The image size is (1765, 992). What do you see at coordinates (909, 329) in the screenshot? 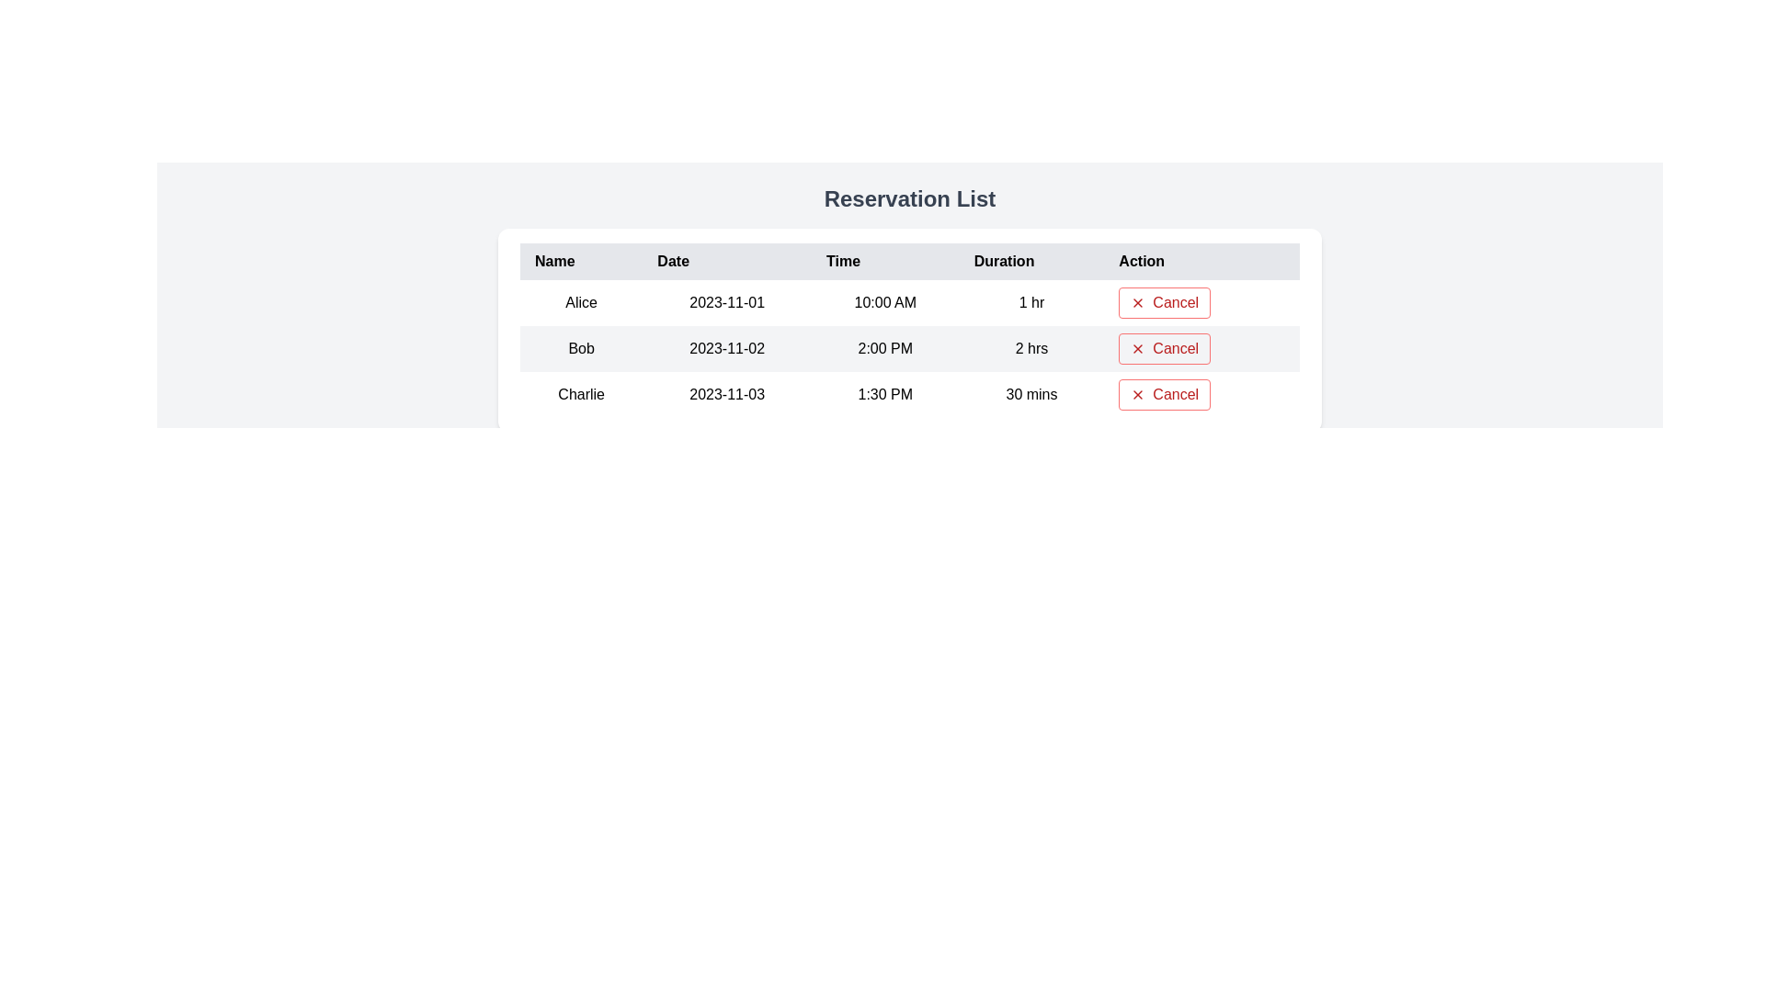
I see `the Table displaying the list of reservations to view the details of each reservation` at bounding box center [909, 329].